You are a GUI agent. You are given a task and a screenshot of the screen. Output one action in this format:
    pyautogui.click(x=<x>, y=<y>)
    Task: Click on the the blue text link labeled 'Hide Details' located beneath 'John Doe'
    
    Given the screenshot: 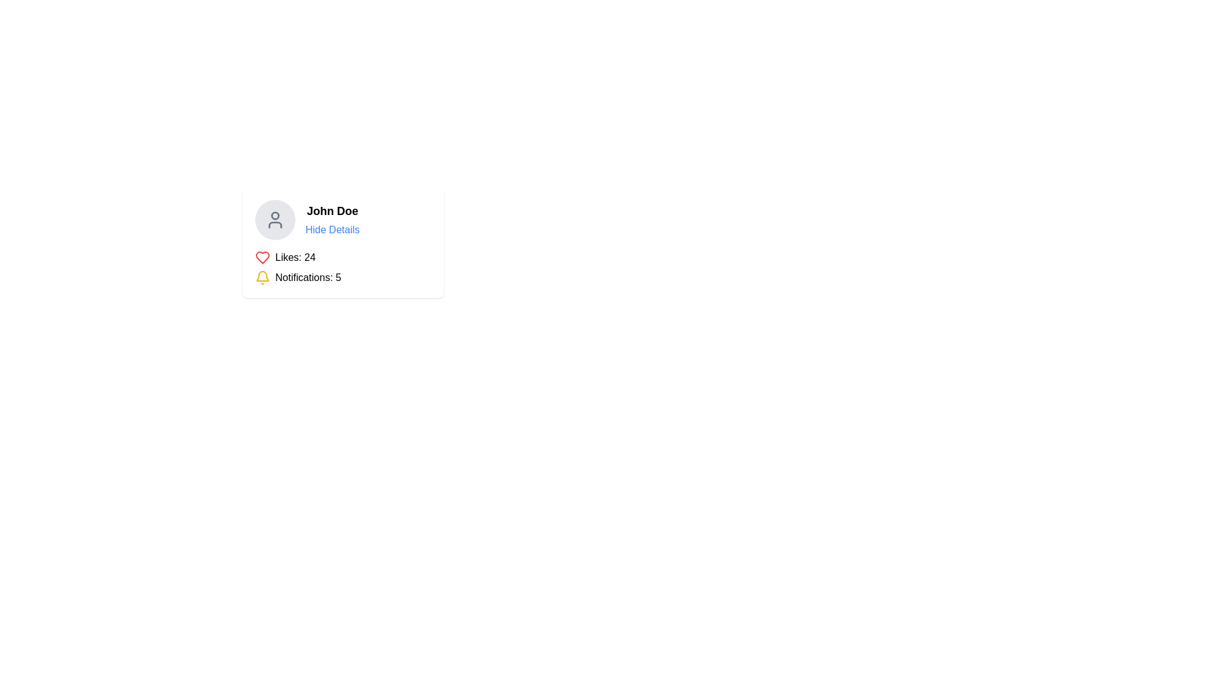 What is the action you would take?
    pyautogui.click(x=333, y=230)
    